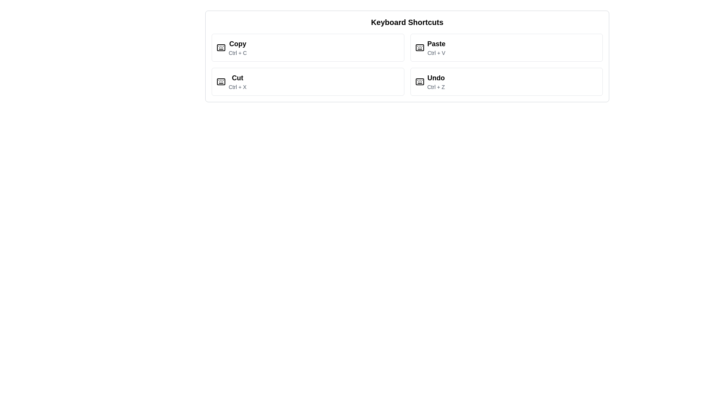  What do you see at coordinates (506, 48) in the screenshot?
I see `the 'Paste' button, which is the second element in the grid layout and shows the keyboard shortcut 'Ctrl + V'` at bounding box center [506, 48].